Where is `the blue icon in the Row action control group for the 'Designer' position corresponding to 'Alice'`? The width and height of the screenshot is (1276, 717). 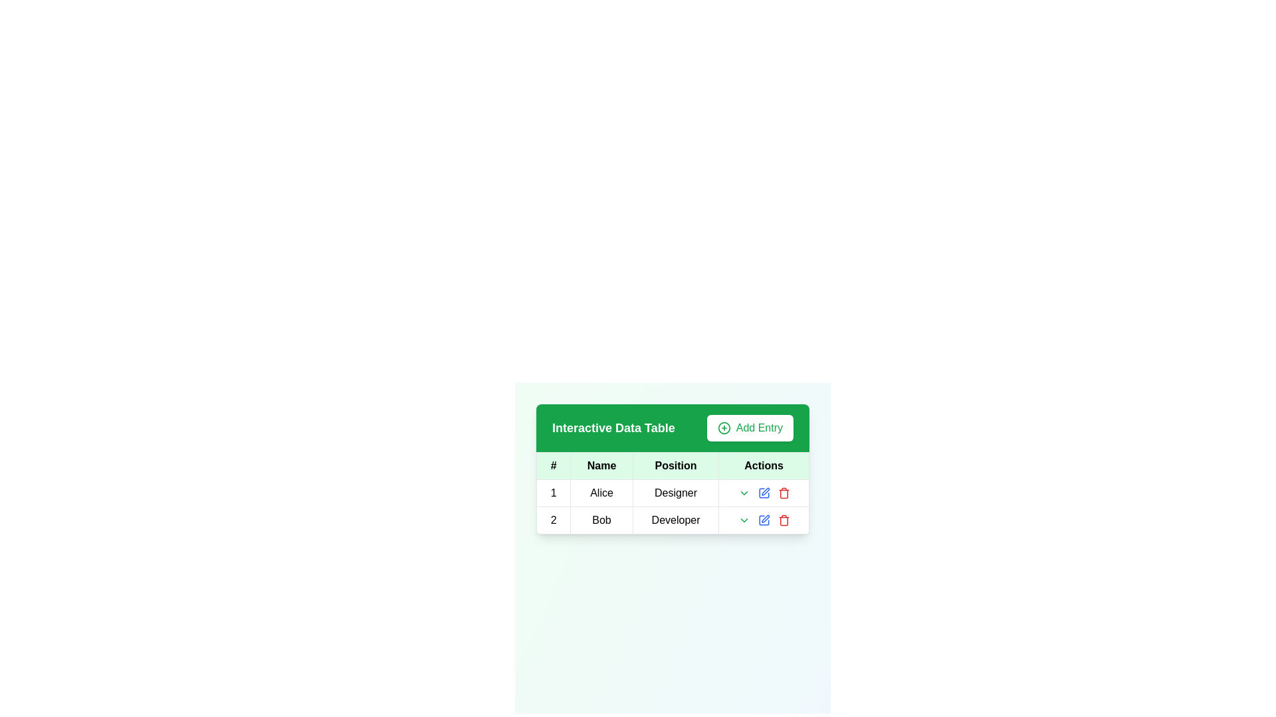
the blue icon in the Row action control group for the 'Designer' position corresponding to 'Alice' is located at coordinates (764, 493).